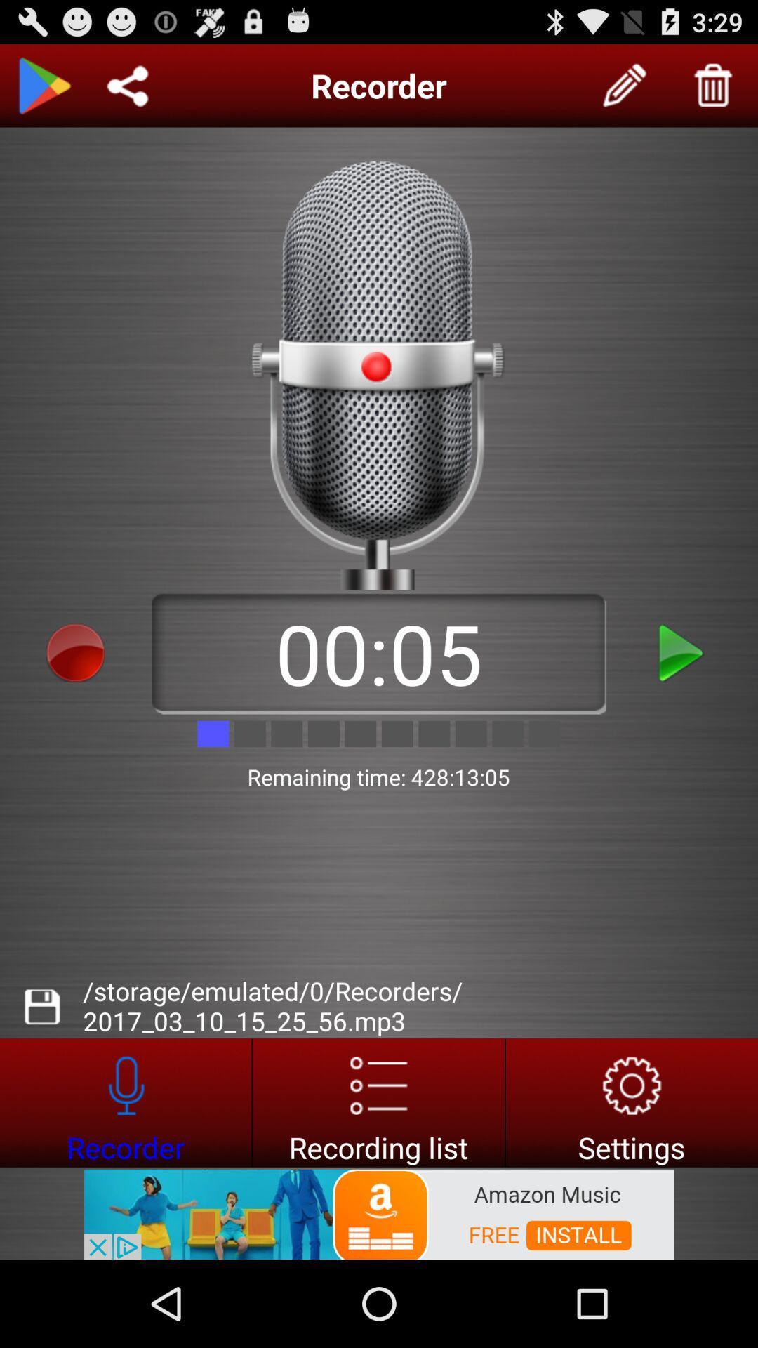 The image size is (758, 1348). Describe the element at coordinates (76, 652) in the screenshot. I see `record audio` at that location.